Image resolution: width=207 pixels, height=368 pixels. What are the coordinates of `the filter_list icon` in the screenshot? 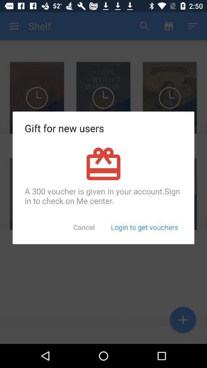 It's located at (192, 26).